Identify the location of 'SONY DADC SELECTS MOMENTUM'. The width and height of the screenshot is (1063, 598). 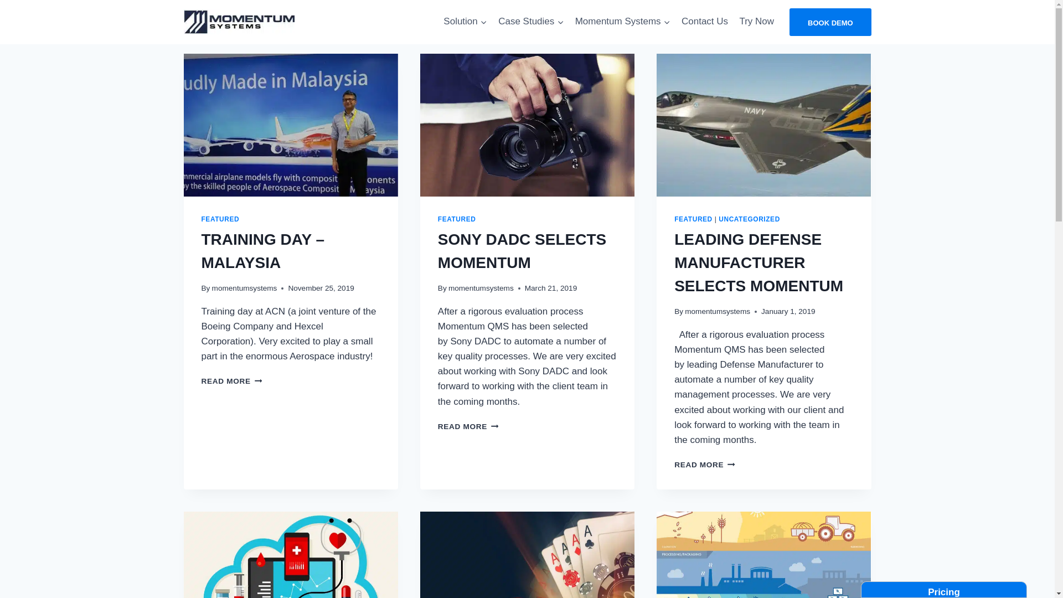
(521, 251).